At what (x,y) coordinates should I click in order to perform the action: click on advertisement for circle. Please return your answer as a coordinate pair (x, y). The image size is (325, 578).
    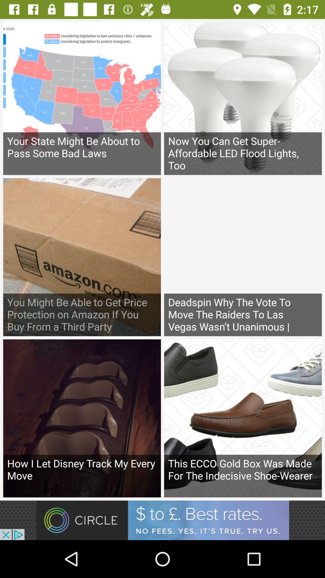
    Looking at the image, I should click on (162, 520).